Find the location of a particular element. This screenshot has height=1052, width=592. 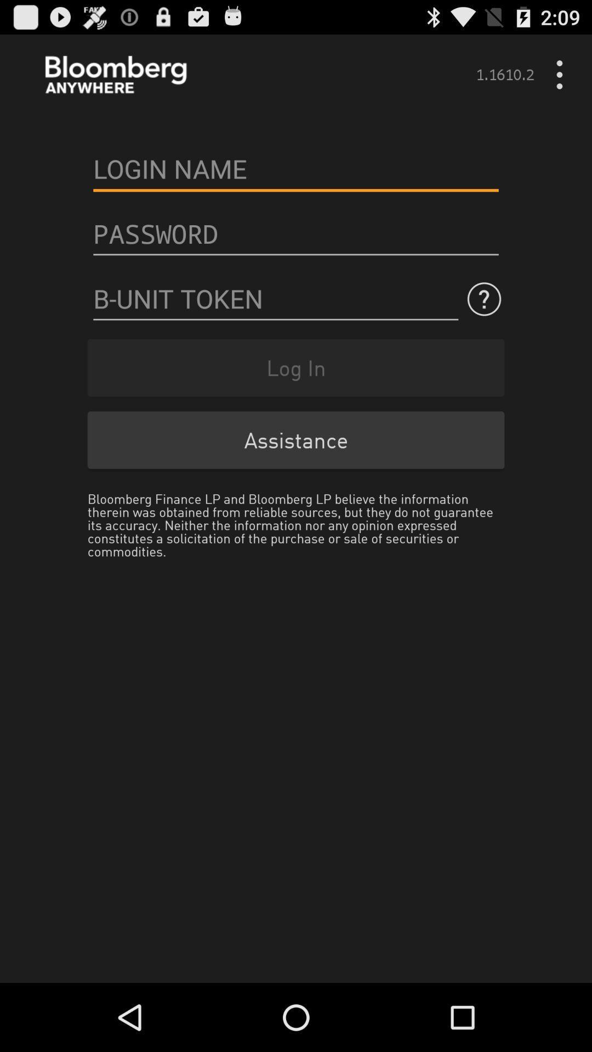

secure token entry login is located at coordinates (275, 299).